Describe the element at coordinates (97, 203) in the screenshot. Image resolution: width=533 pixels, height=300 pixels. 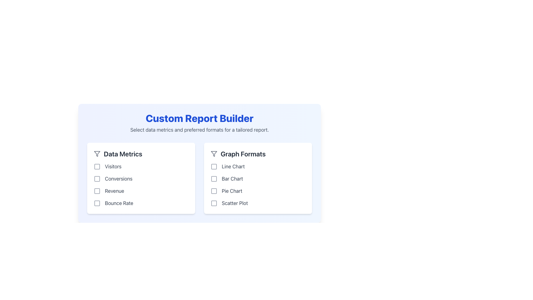
I see `the checkbox for the 'Bounce Rate' metric located to the left of its label` at that location.